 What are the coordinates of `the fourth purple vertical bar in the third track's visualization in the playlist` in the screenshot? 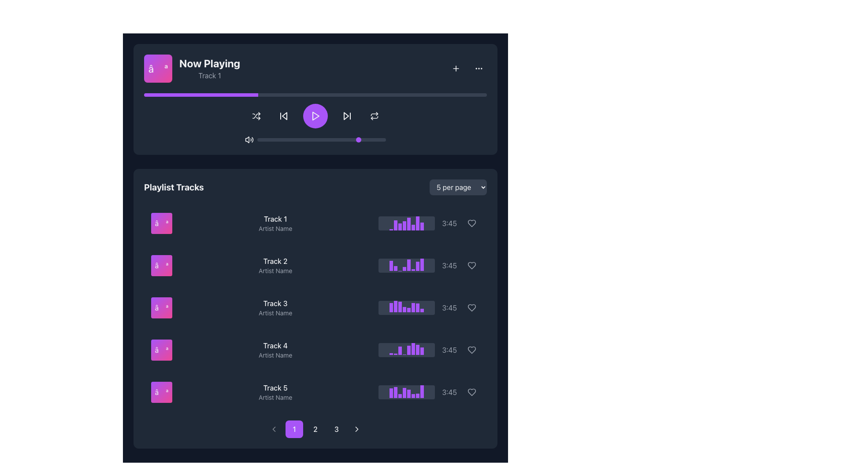 It's located at (404, 309).